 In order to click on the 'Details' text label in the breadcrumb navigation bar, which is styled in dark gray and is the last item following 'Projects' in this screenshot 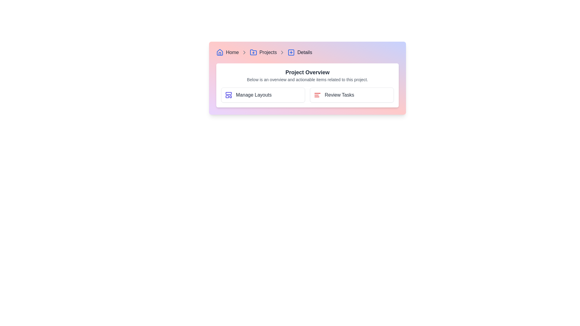, I will do `click(304, 52)`.